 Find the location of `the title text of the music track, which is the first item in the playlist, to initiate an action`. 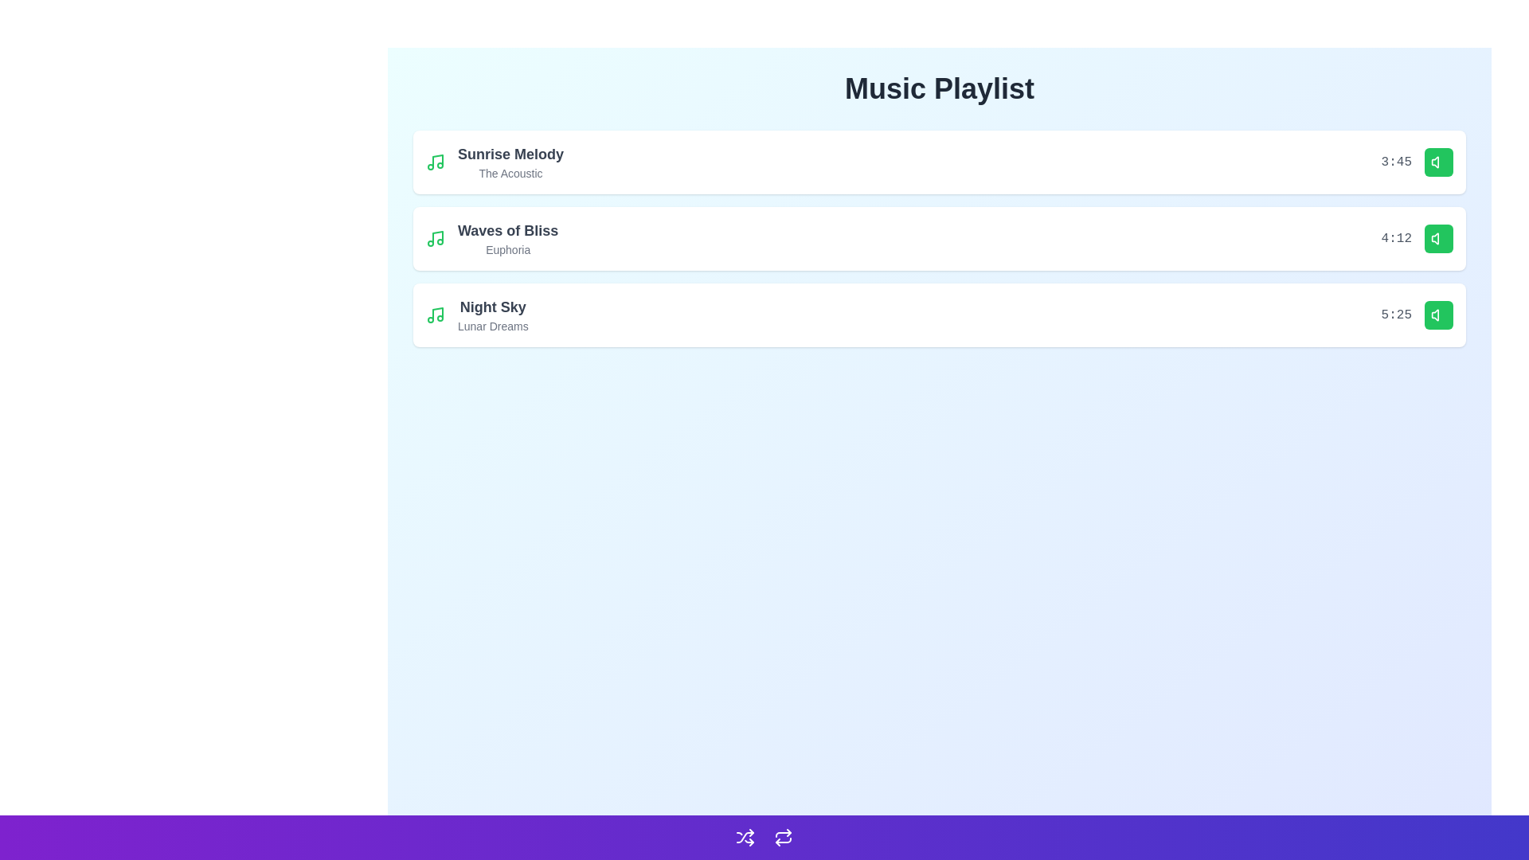

the title text of the music track, which is the first item in the playlist, to initiate an action is located at coordinates (494, 162).